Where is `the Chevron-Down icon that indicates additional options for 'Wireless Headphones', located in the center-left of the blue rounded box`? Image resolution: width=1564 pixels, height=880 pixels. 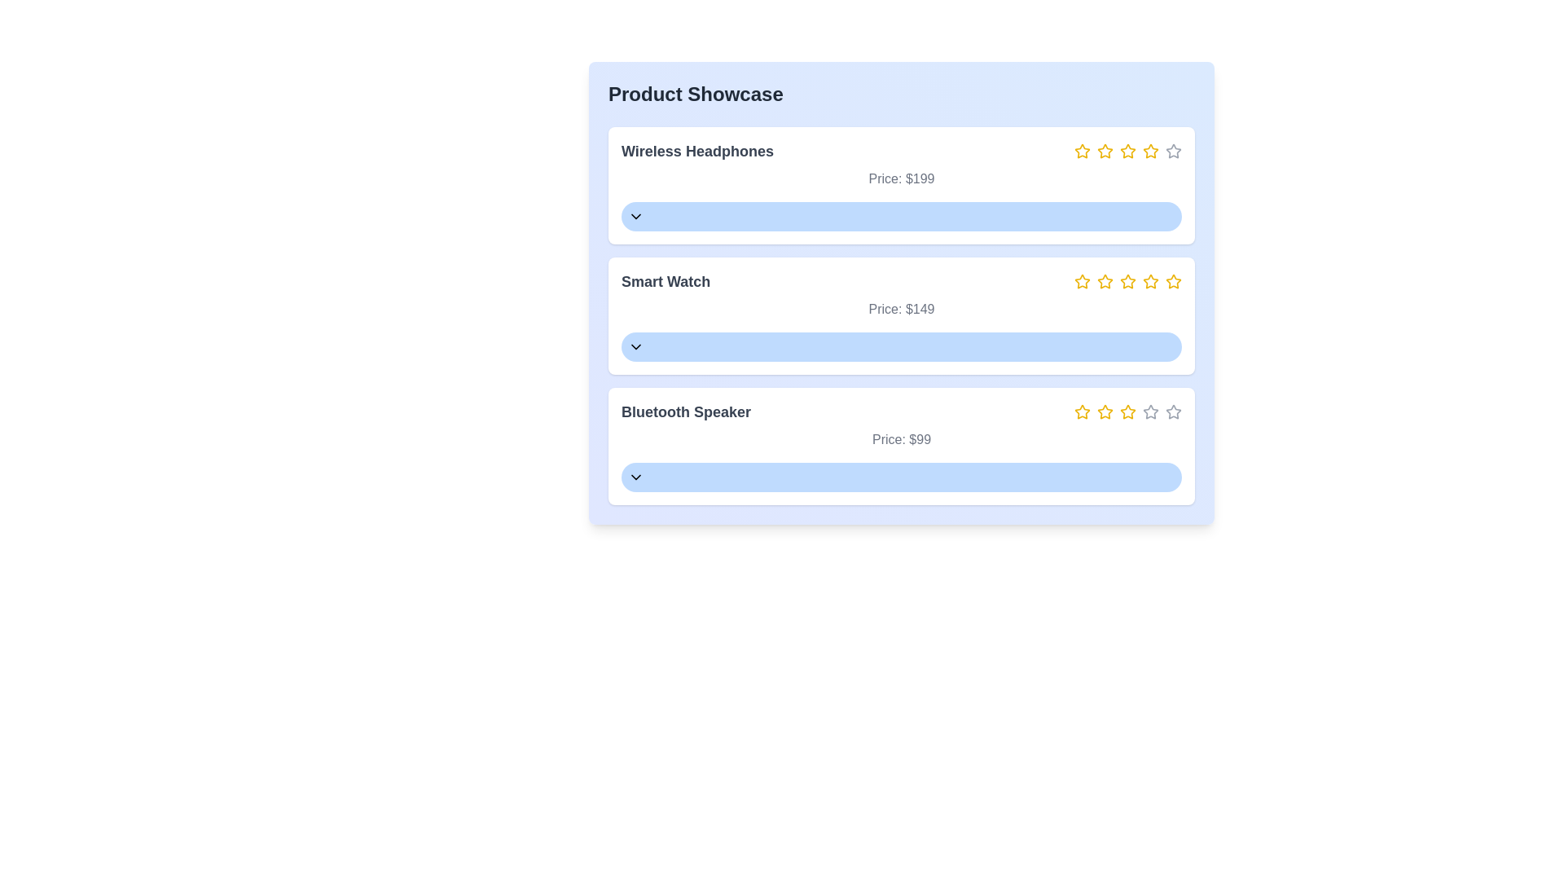
the Chevron-Down icon that indicates additional options for 'Wireless Headphones', located in the center-left of the blue rounded box is located at coordinates (635, 216).